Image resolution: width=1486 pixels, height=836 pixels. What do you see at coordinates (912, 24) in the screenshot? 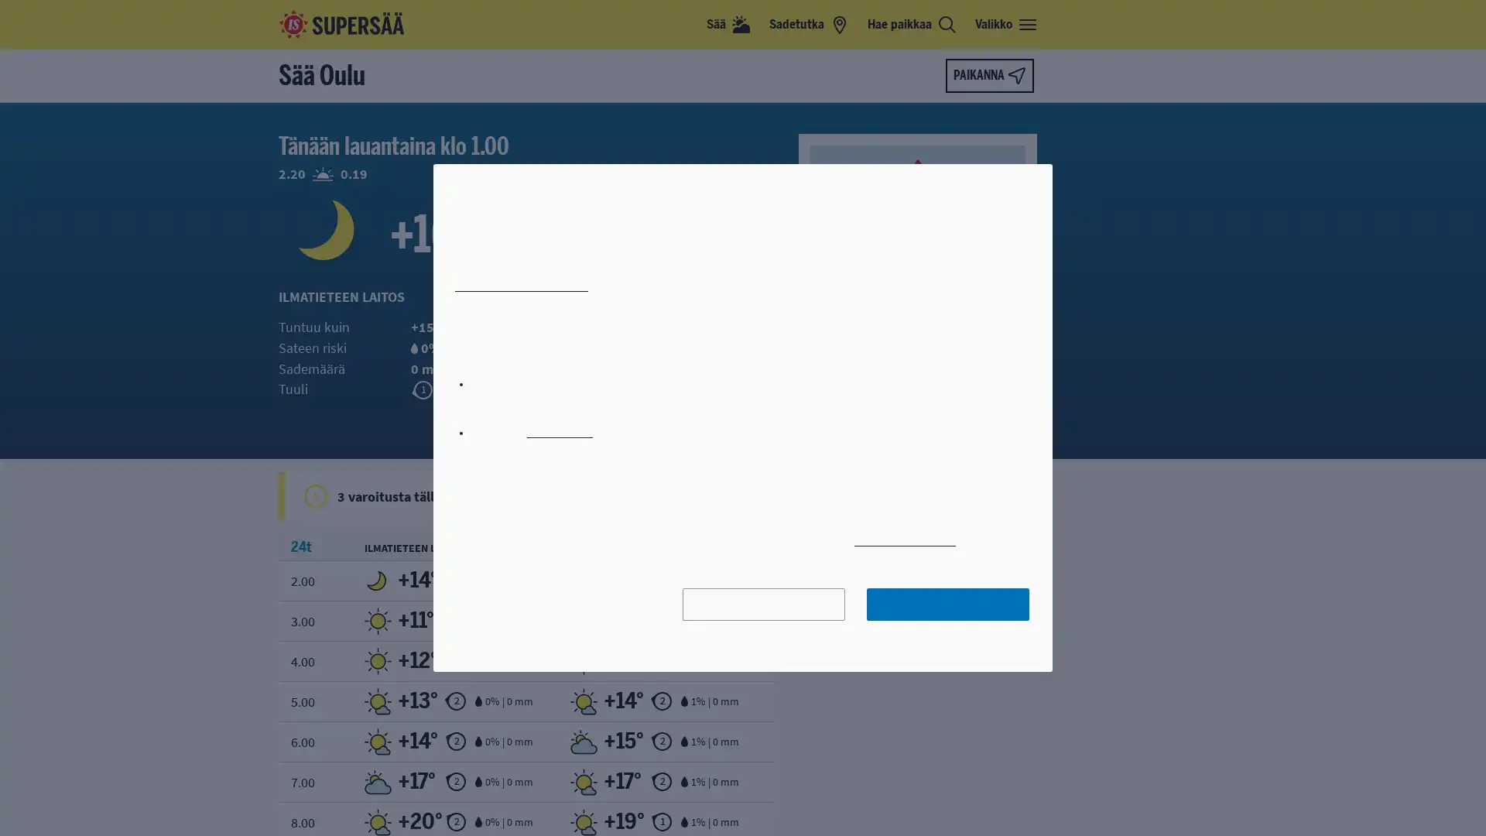
I see `Hae paikkaa` at bounding box center [912, 24].